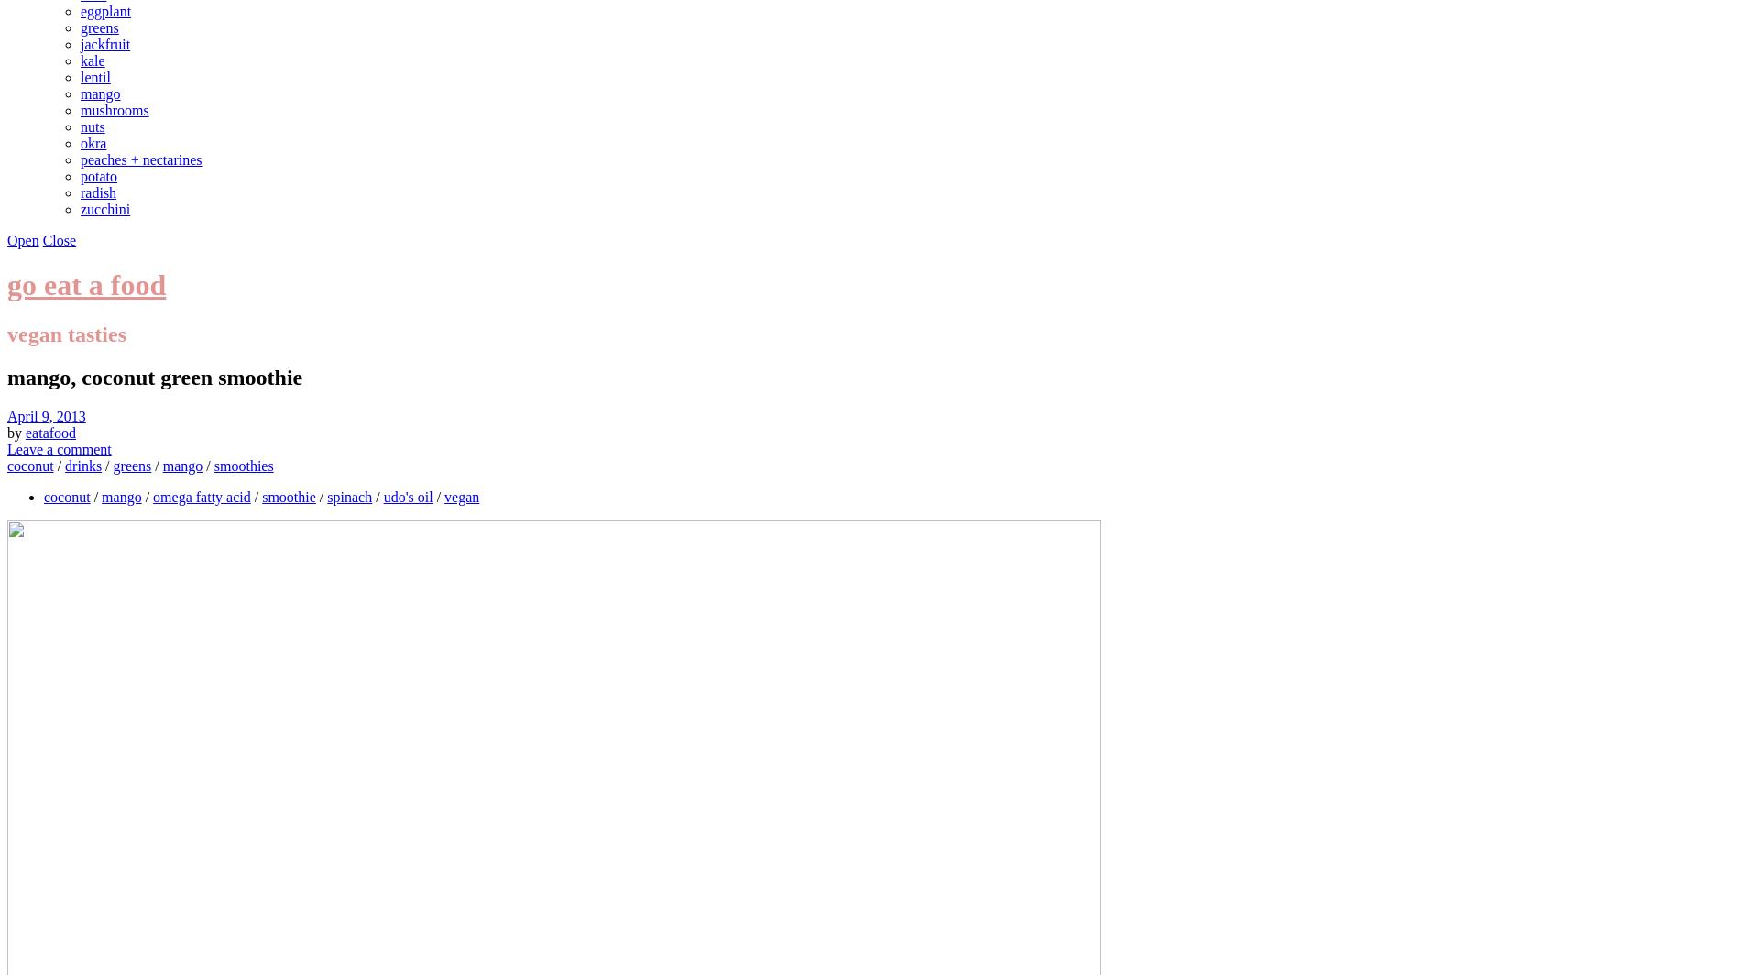  Describe the element at coordinates (104, 44) in the screenshot. I see `'jackfruit'` at that location.